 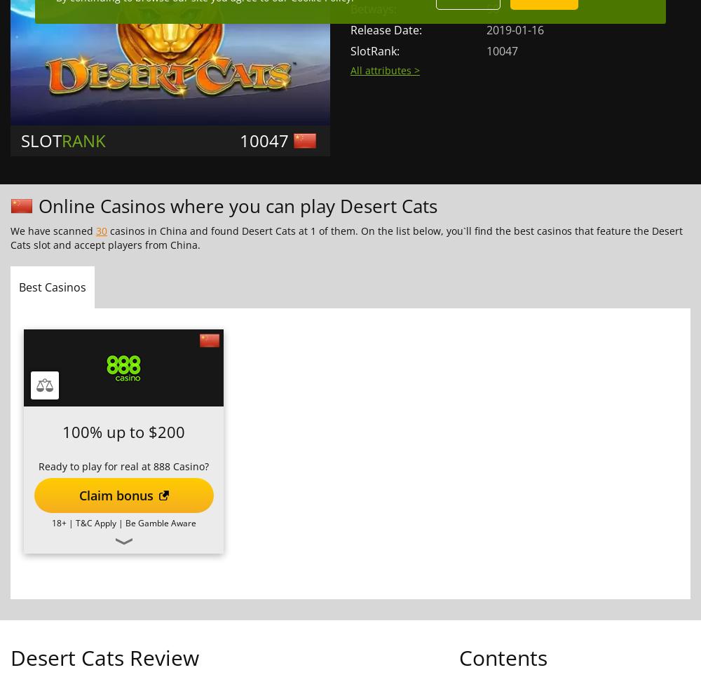 What do you see at coordinates (503, 657) in the screenshot?
I see `'Contents'` at bounding box center [503, 657].